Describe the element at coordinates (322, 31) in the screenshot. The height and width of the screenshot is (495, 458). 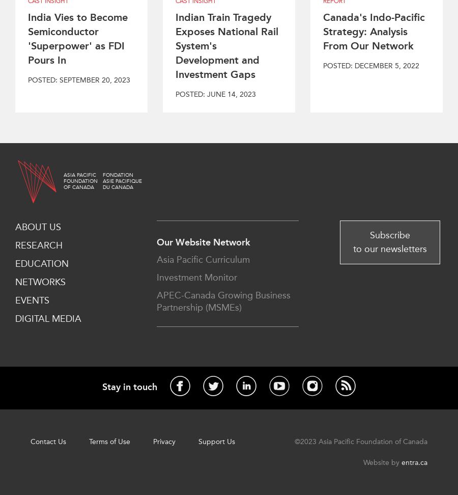
I see `'Canada's Indo-Pacific Strategy: Analysis From Our Network'` at that location.